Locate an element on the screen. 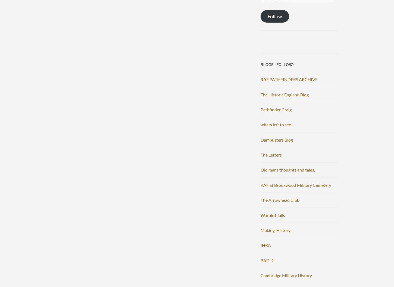 This screenshot has width=394, height=287. 'The Historic England Blog' is located at coordinates (284, 94).